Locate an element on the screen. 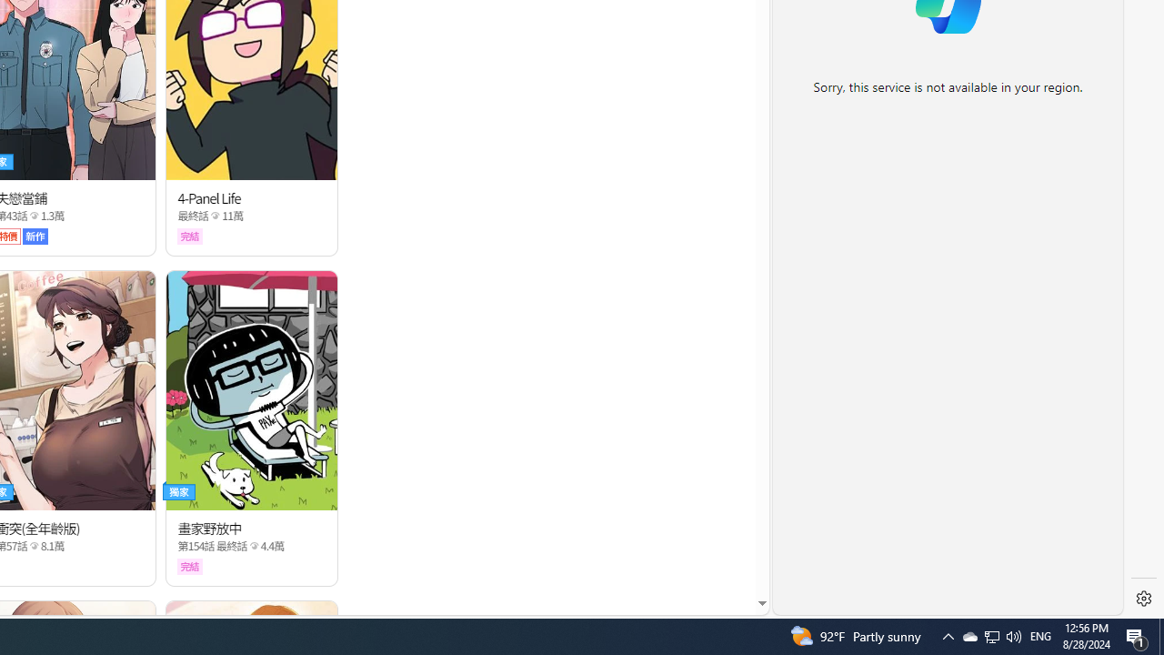 This screenshot has width=1164, height=655. 'Settings' is located at coordinates (1143, 599).